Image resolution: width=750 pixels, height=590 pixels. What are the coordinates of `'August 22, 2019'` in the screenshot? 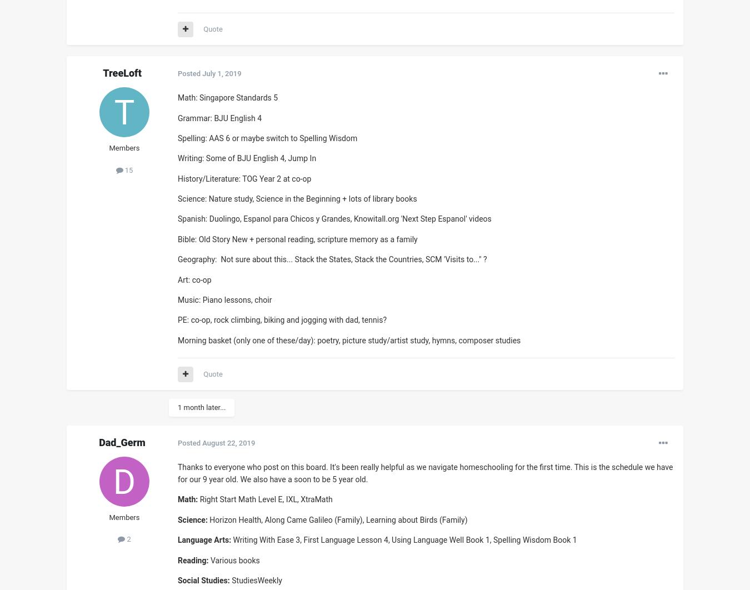 It's located at (228, 442).